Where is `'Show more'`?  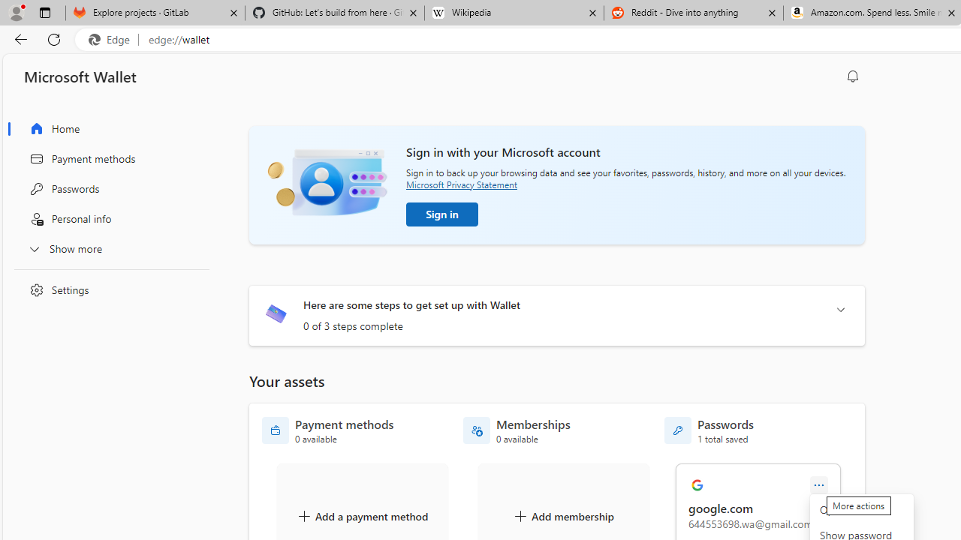
'Show more' is located at coordinates (107, 247).